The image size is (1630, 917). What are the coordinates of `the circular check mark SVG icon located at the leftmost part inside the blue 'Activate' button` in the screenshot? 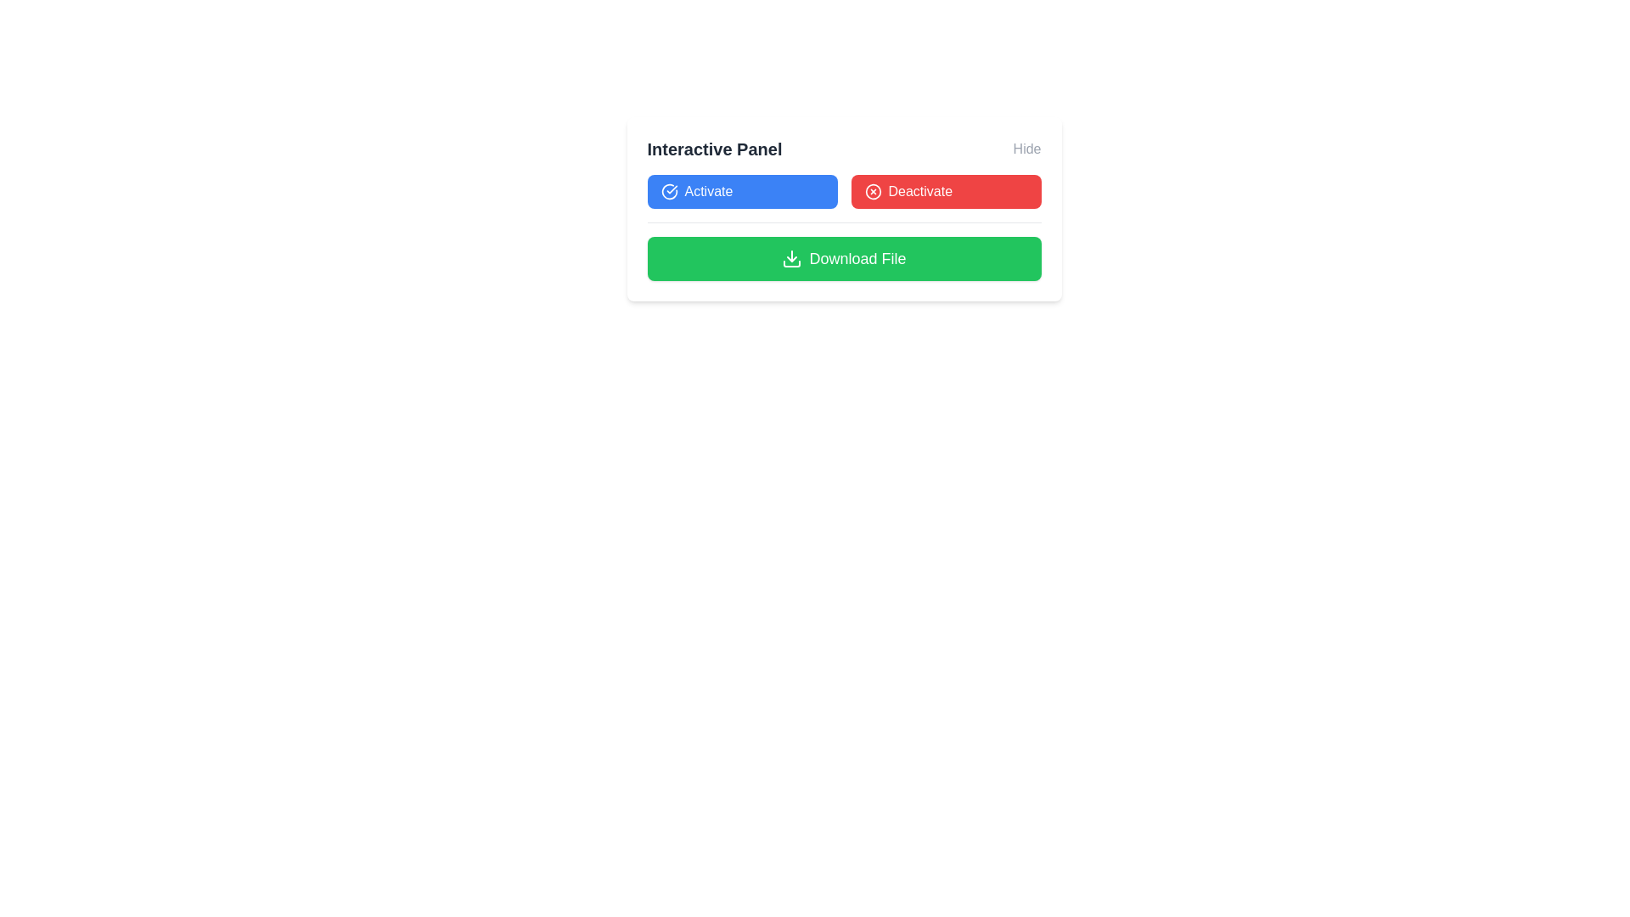 It's located at (668, 191).